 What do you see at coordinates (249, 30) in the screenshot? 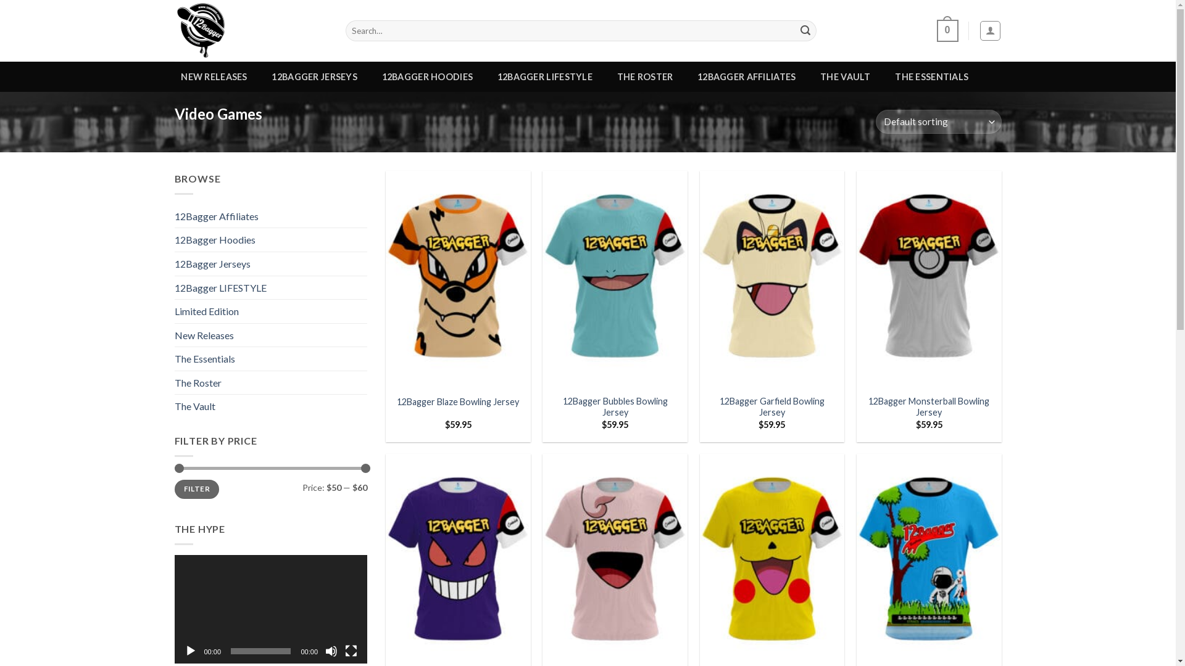
I see `'12Bagger Bowling'` at bounding box center [249, 30].